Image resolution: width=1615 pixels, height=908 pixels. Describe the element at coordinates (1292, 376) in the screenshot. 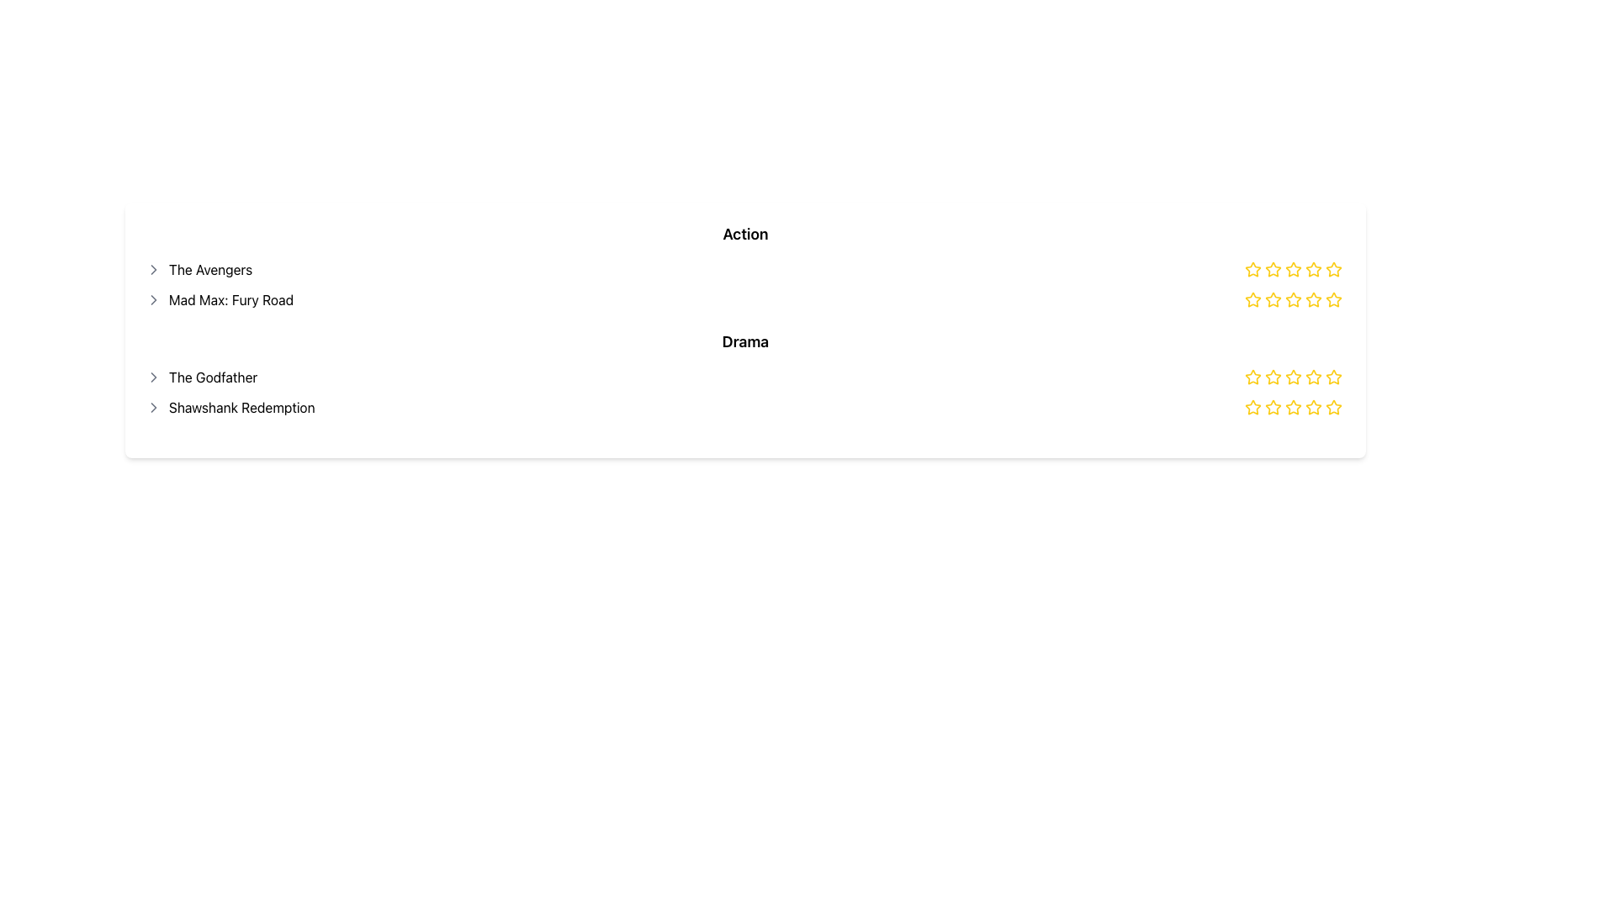

I see `the fourth star icon in the five-star rating component for 'Shawshank Redemption'` at that location.